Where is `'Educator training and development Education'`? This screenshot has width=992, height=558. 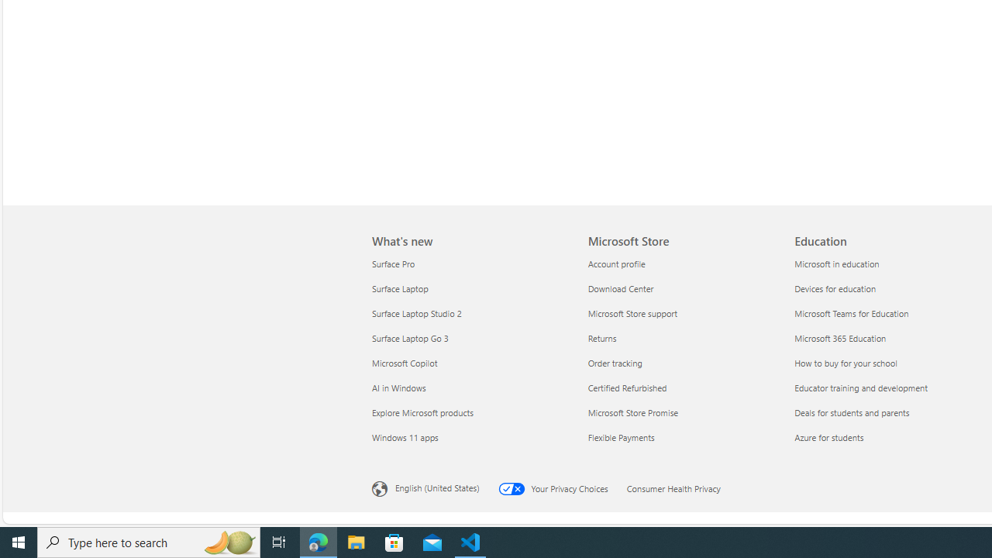 'Educator training and development Education' is located at coordinates (860, 387).